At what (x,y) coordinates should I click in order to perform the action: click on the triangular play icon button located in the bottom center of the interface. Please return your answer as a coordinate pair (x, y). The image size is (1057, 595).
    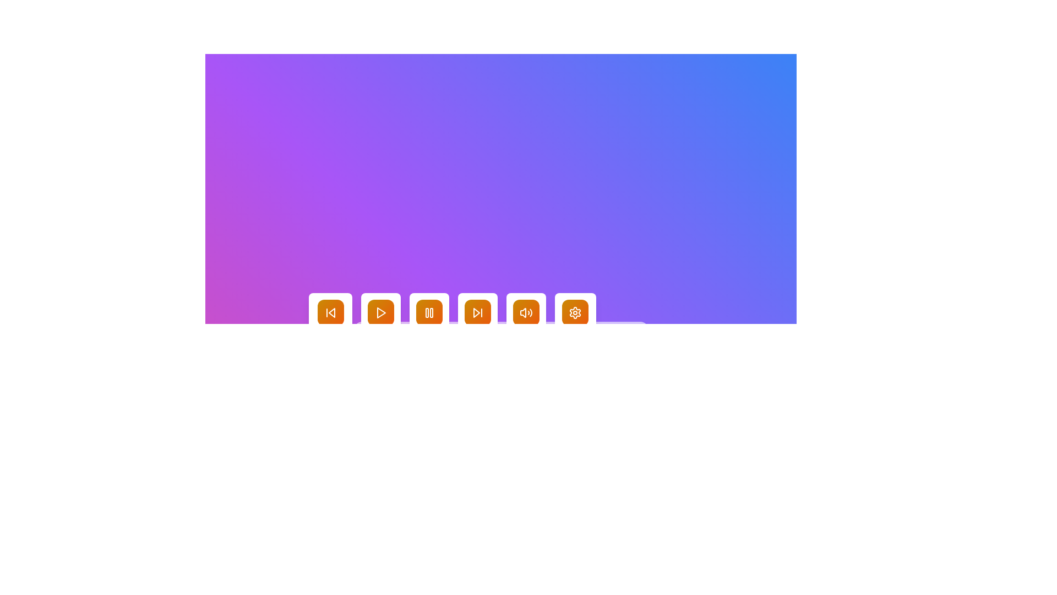
    Looking at the image, I should click on (380, 312).